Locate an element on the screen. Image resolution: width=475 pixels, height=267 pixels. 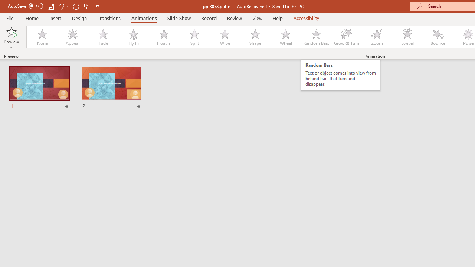
'Fade' is located at coordinates (102, 37).